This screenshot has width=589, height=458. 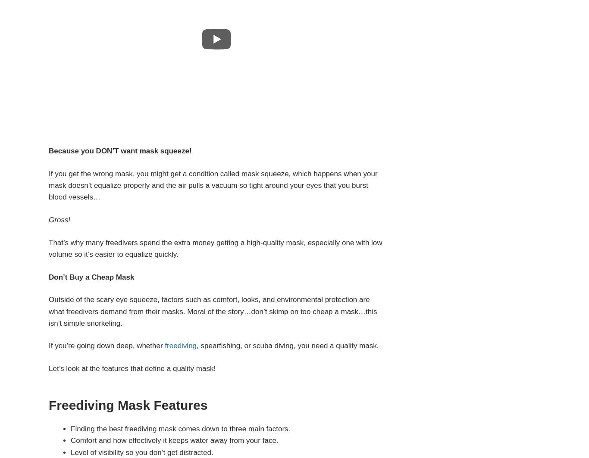 I want to click on 'freediving', so click(x=180, y=345).